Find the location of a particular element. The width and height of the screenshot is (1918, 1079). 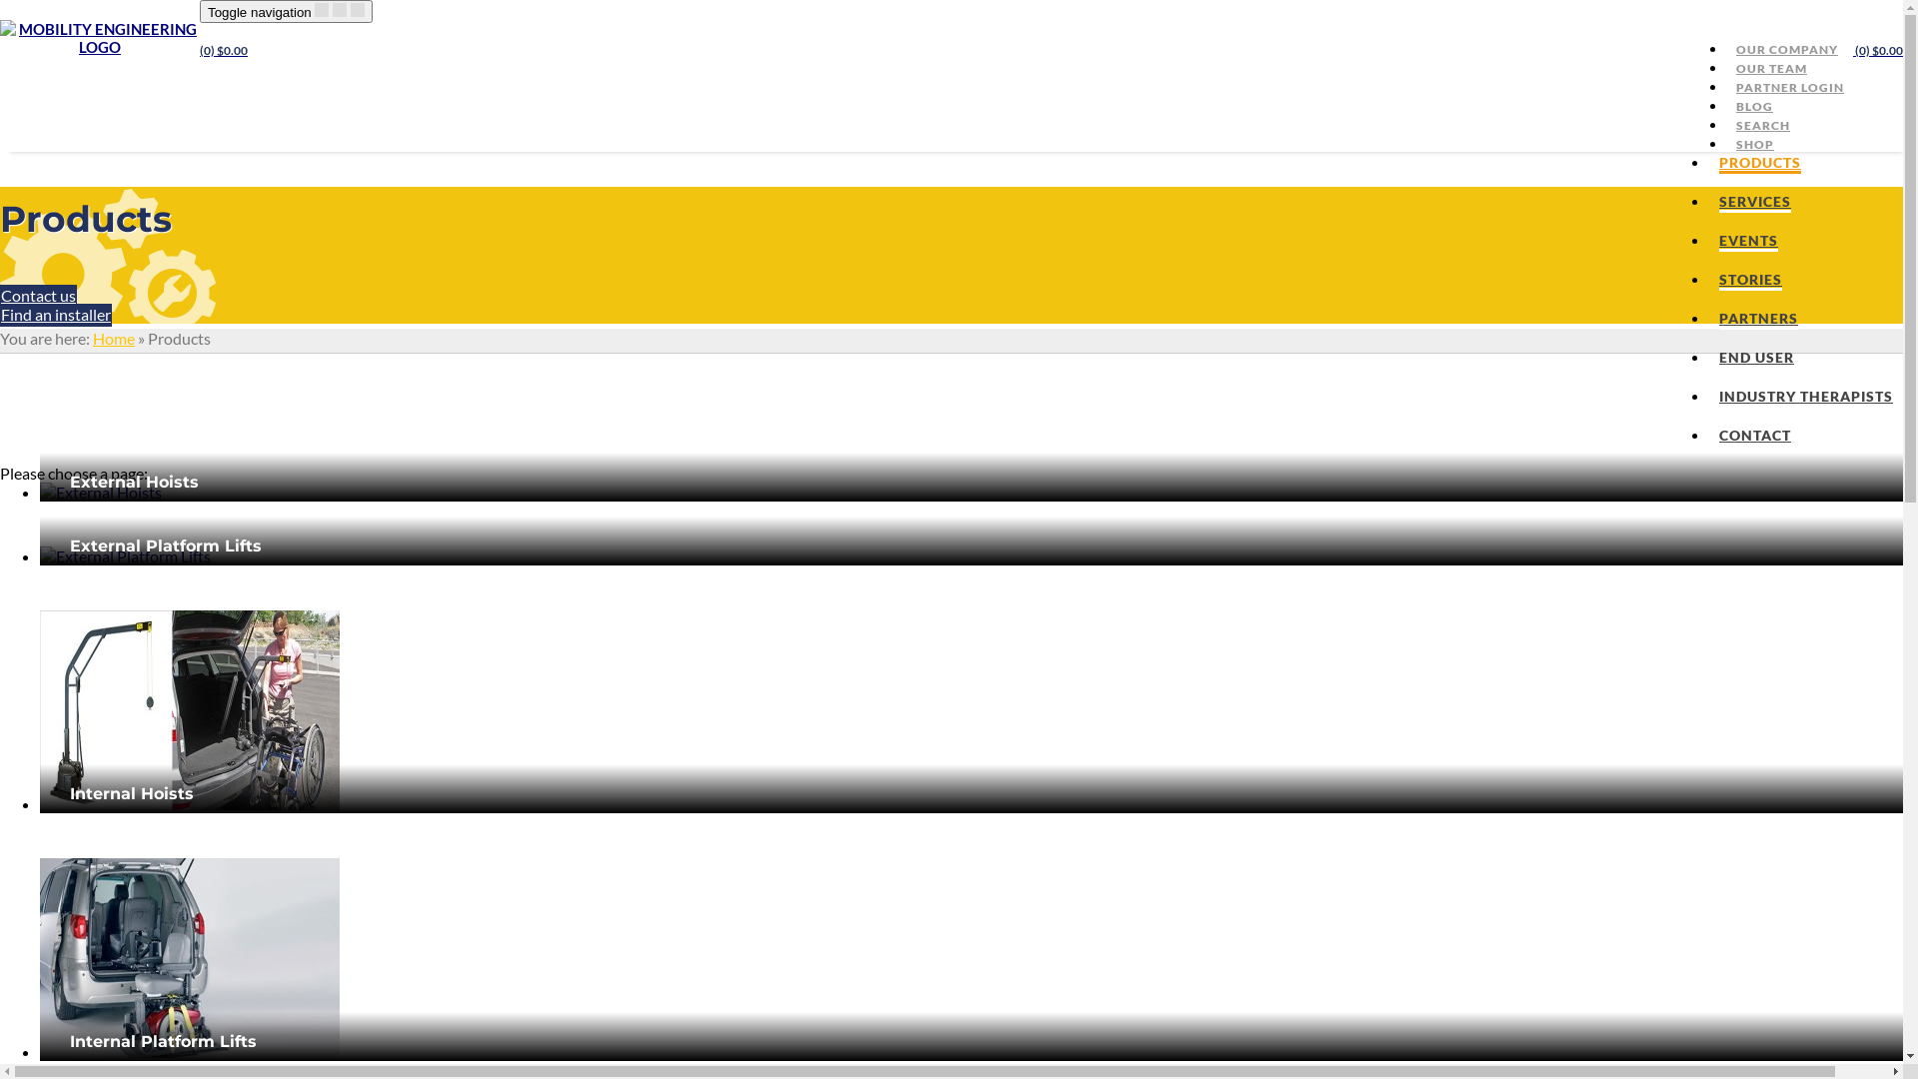

'EVENTS' is located at coordinates (1747, 241).